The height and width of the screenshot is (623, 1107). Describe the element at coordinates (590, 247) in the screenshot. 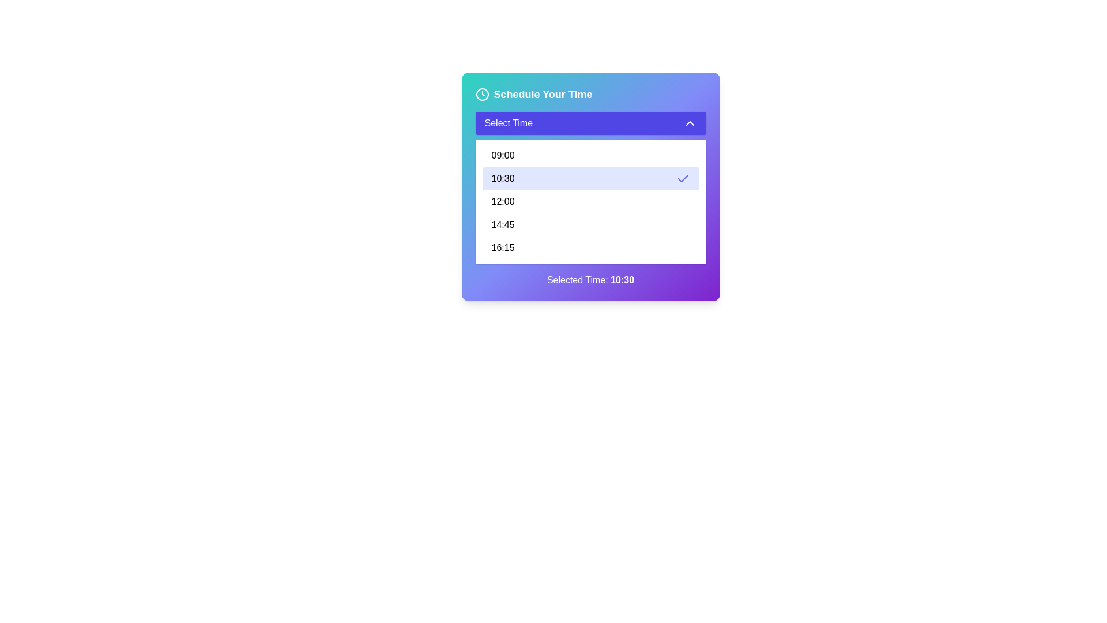

I see `the list item displaying '16:15' in the dropdown menu` at that location.